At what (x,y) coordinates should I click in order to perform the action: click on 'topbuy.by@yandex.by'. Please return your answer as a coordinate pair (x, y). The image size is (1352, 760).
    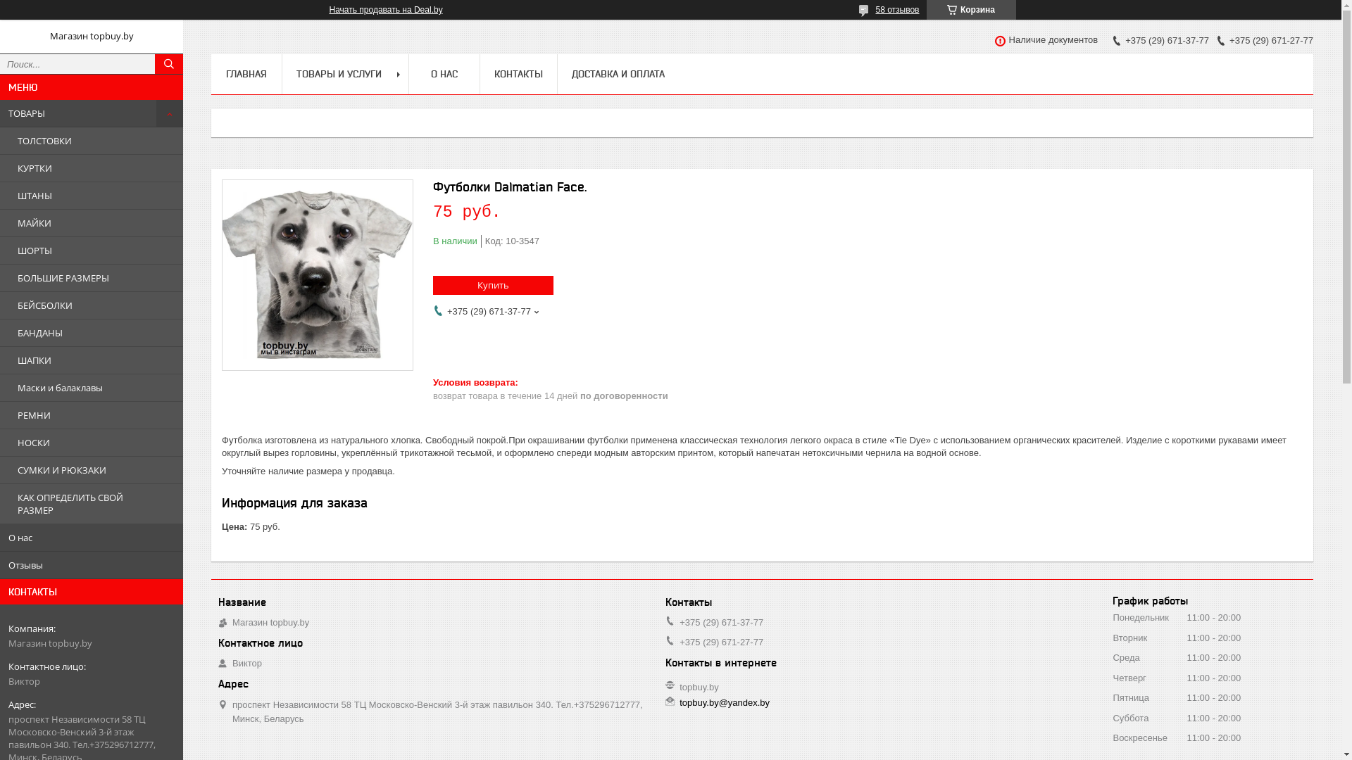
    Looking at the image, I should click on (724, 703).